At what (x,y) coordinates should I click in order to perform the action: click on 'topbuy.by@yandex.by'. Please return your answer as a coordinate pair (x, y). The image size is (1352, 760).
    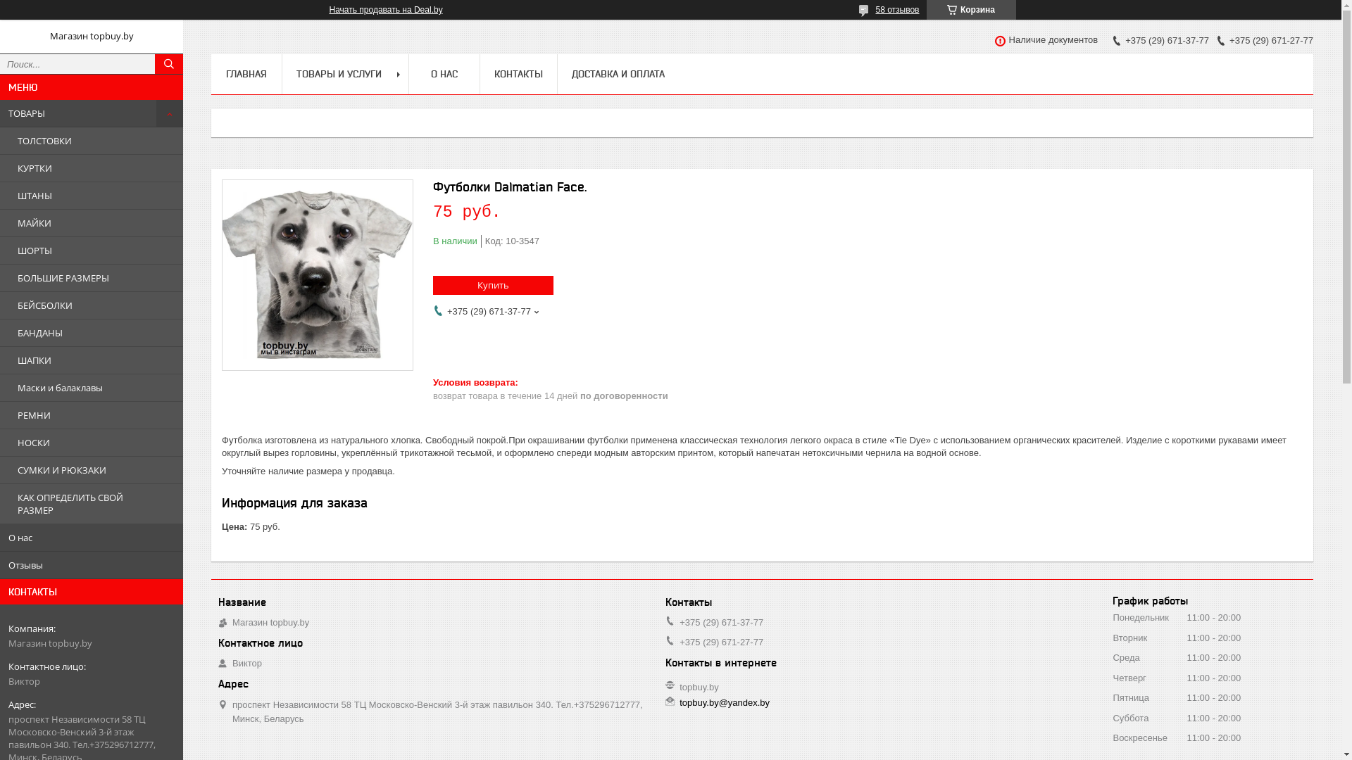
    Looking at the image, I should click on (724, 703).